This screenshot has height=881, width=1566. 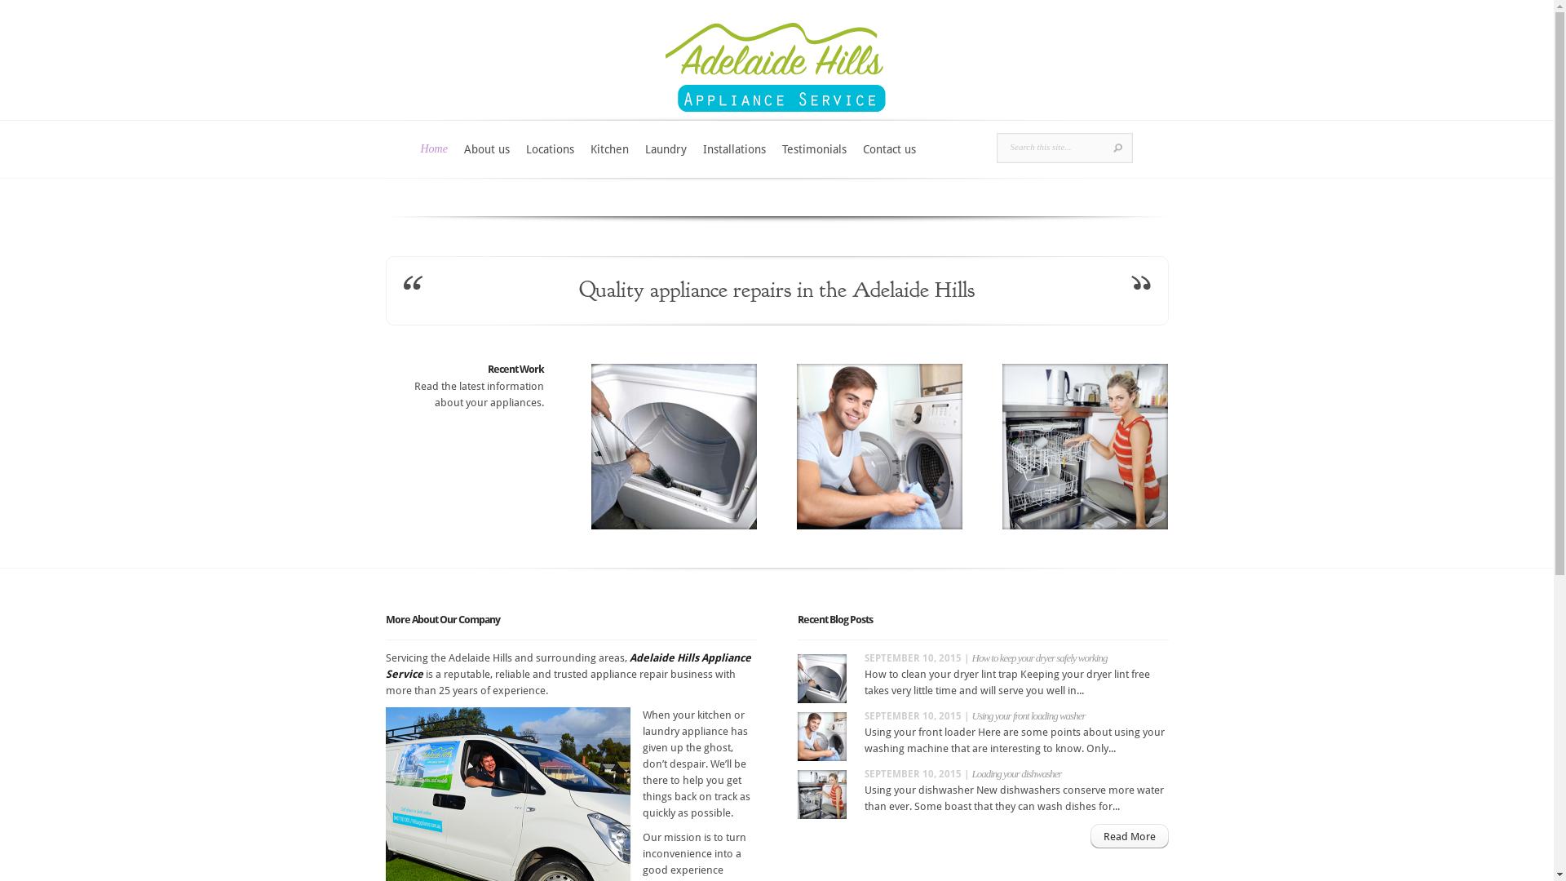 I want to click on 'Loading your dishwasher', so click(x=1016, y=773).